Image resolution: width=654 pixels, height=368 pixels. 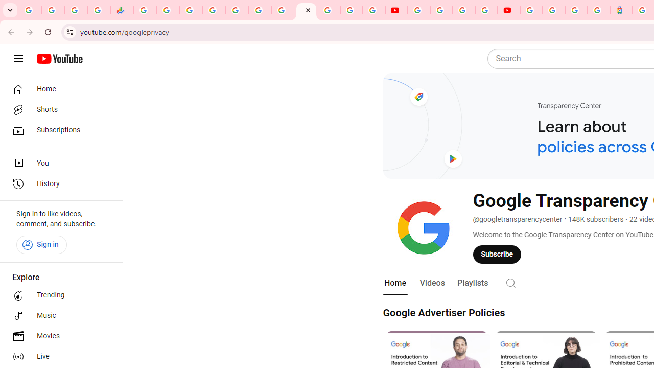 What do you see at coordinates (621, 10) in the screenshot?
I see `'Atour Hotel - Google hotels'` at bounding box center [621, 10].